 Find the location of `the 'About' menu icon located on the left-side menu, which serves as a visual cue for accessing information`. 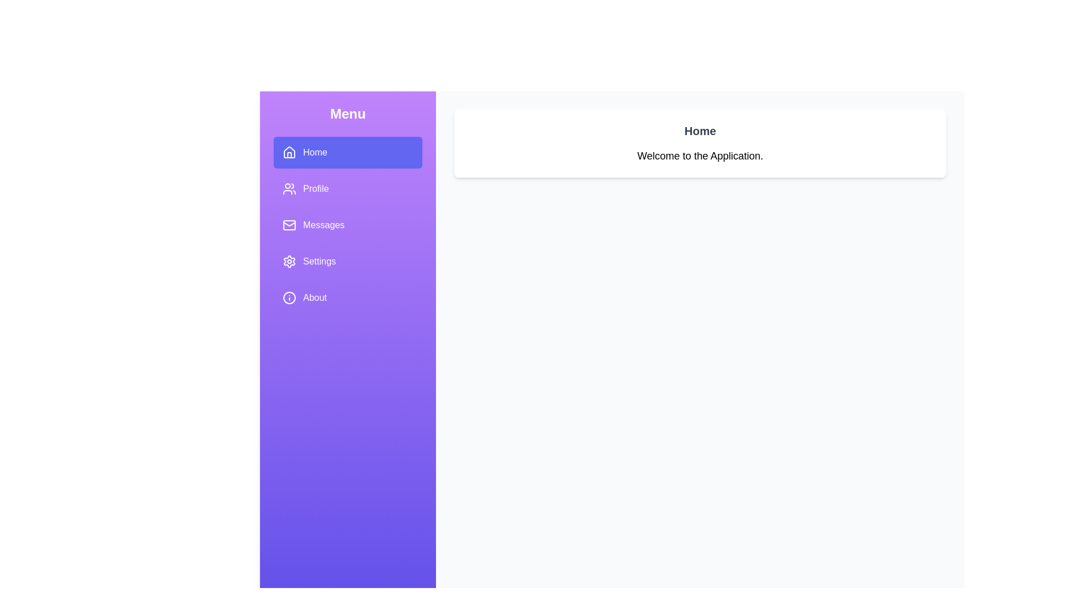

the 'About' menu icon located on the left-side menu, which serves as a visual cue for accessing information is located at coordinates (289, 297).